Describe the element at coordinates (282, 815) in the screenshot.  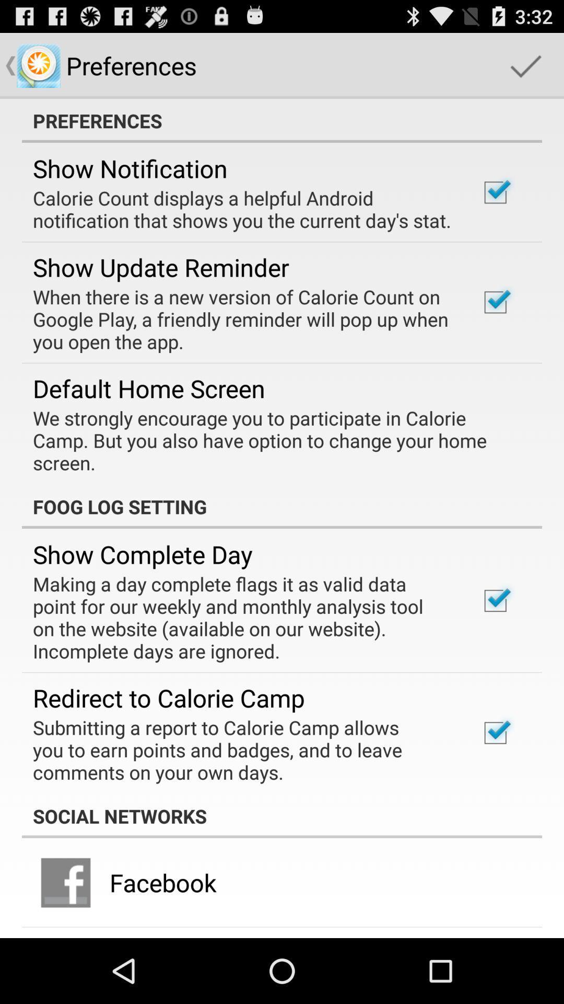
I see `the social networks` at that location.